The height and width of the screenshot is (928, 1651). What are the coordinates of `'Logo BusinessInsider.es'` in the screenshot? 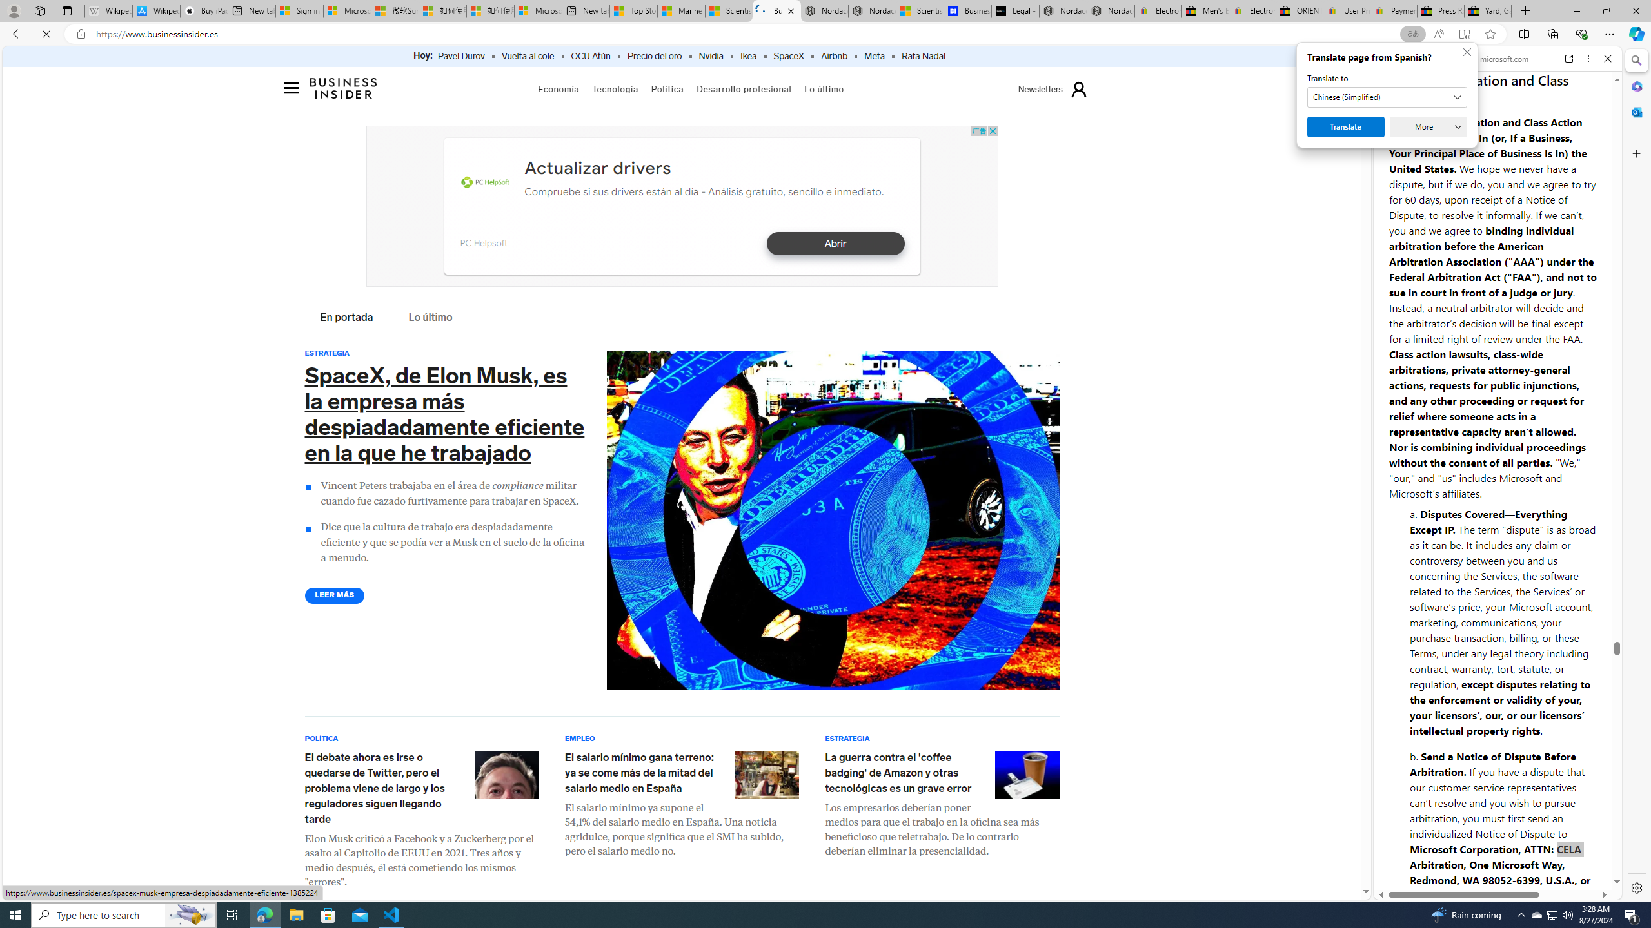 It's located at (344, 87).